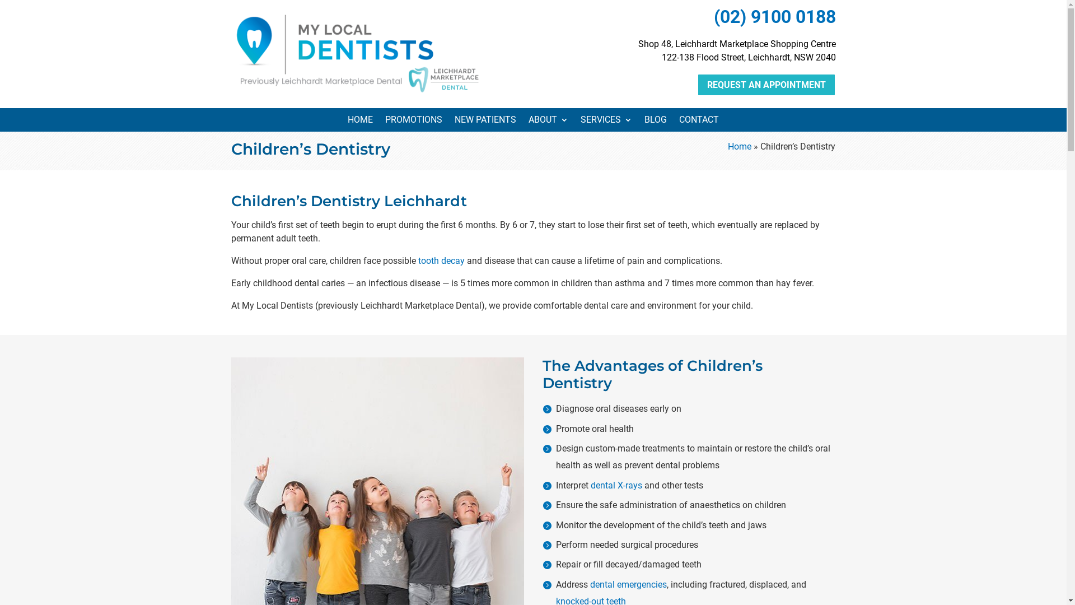 Image resolution: width=1075 pixels, height=605 pixels. What do you see at coordinates (548, 122) in the screenshot?
I see `'ABOUT'` at bounding box center [548, 122].